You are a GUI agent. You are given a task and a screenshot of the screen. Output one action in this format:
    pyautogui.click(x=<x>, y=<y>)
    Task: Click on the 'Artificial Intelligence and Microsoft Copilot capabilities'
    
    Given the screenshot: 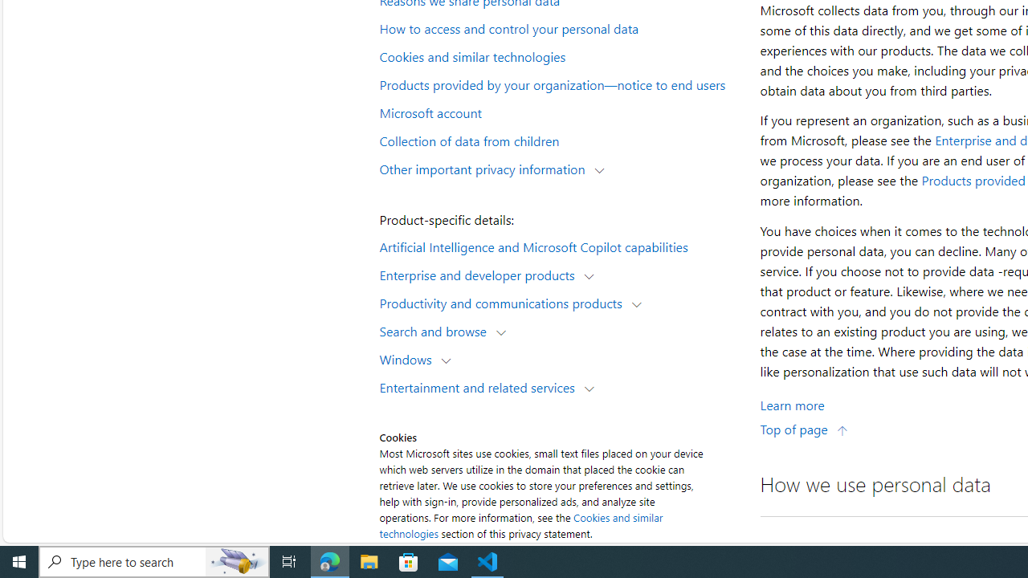 What is the action you would take?
    pyautogui.click(x=559, y=246)
    